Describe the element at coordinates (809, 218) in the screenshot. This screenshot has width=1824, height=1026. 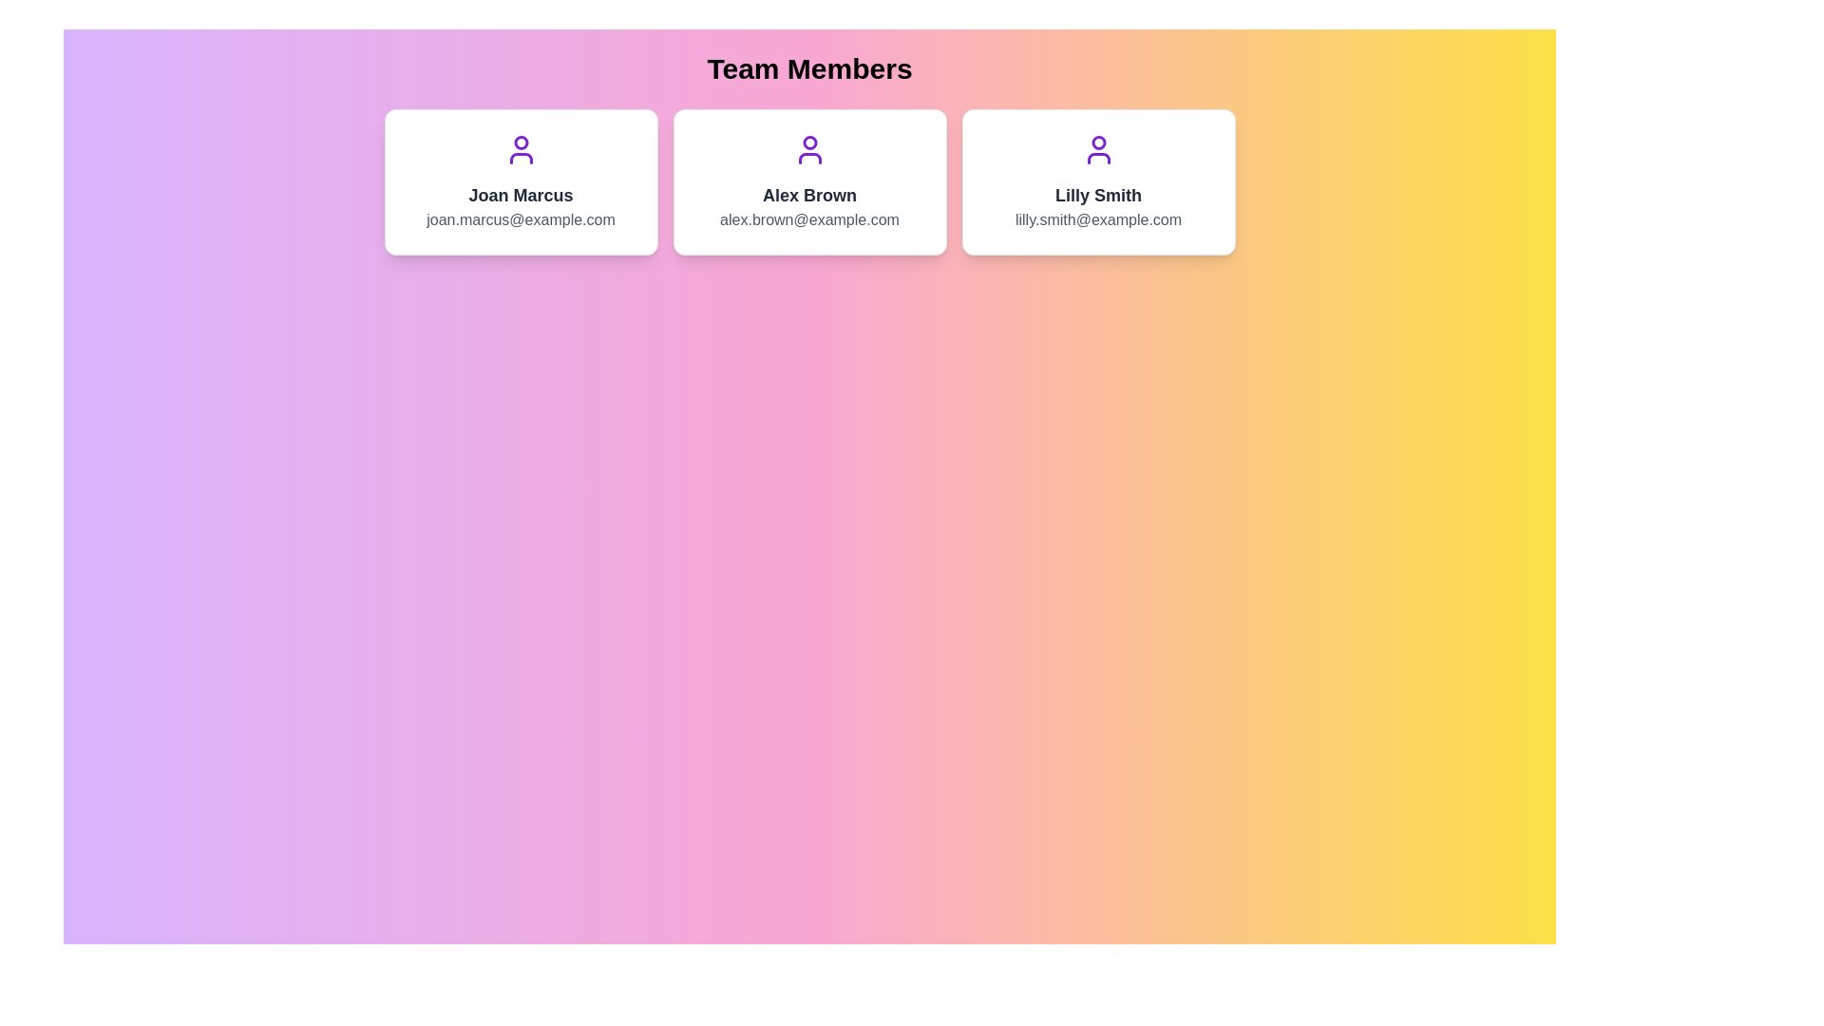
I see `the text label displaying the email address 'alex.brown@example.com', which is styled in gray and positioned below 'Alex Brown' within the center card of a group of three team member cards` at that location.